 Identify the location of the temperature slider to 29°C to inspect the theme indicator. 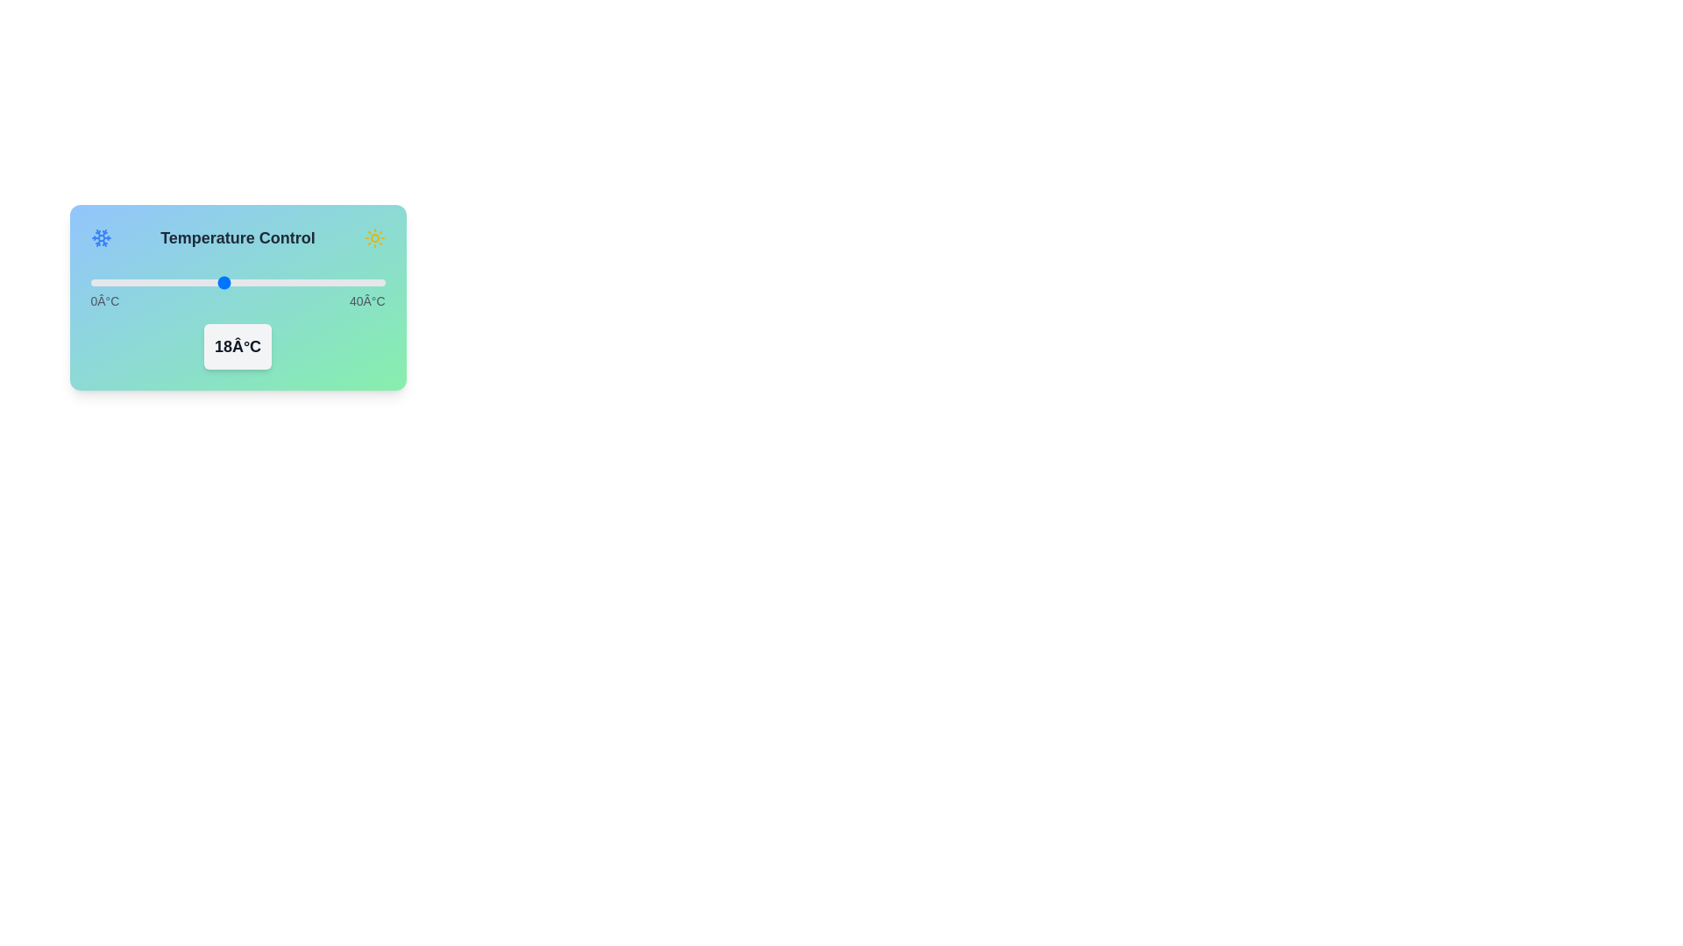
(304, 282).